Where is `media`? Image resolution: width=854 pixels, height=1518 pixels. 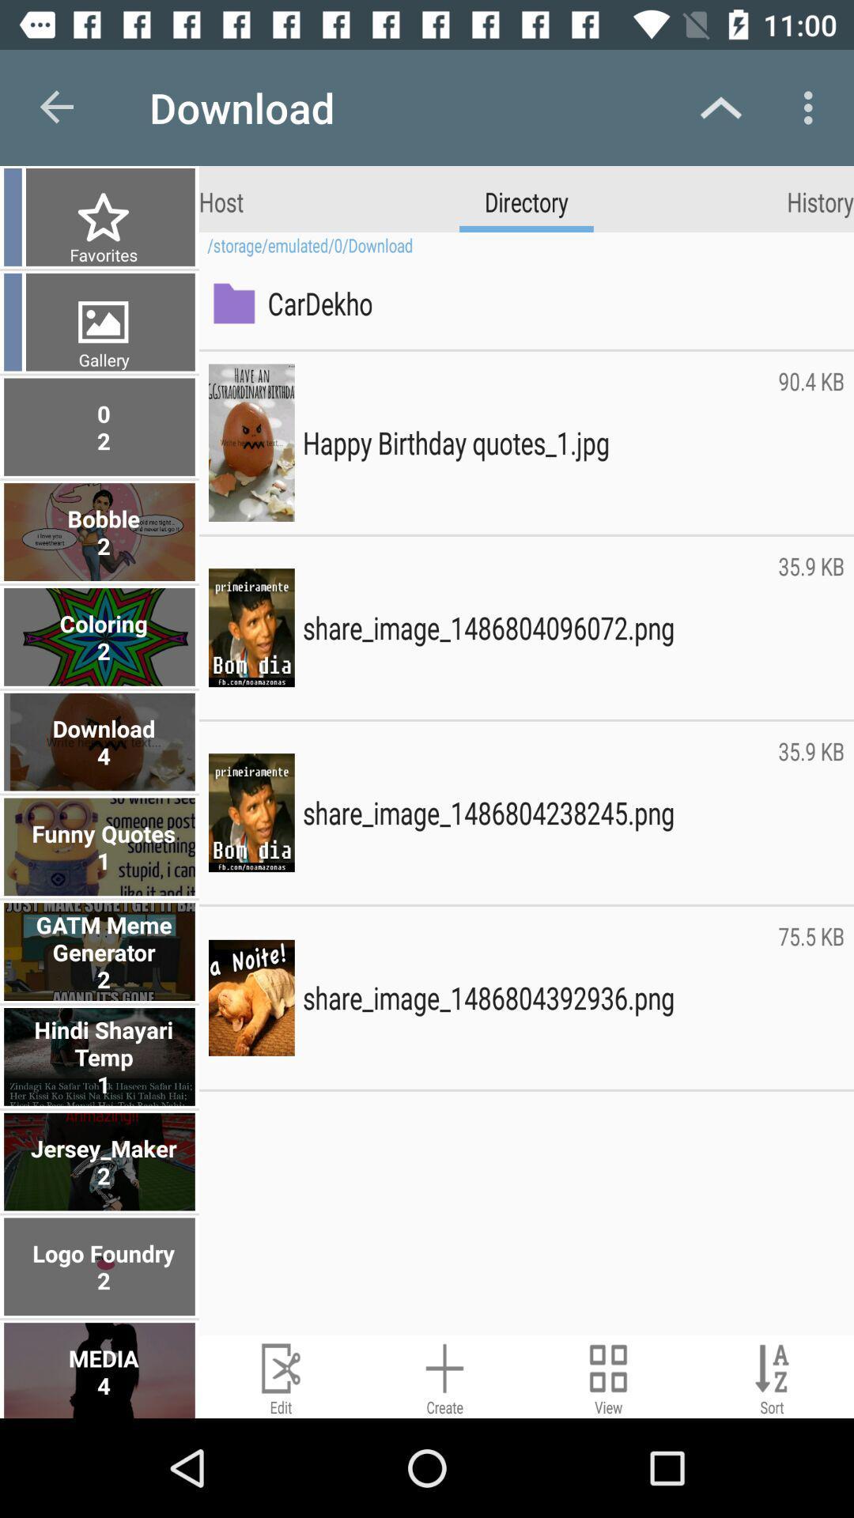 media is located at coordinates (101, 1369).